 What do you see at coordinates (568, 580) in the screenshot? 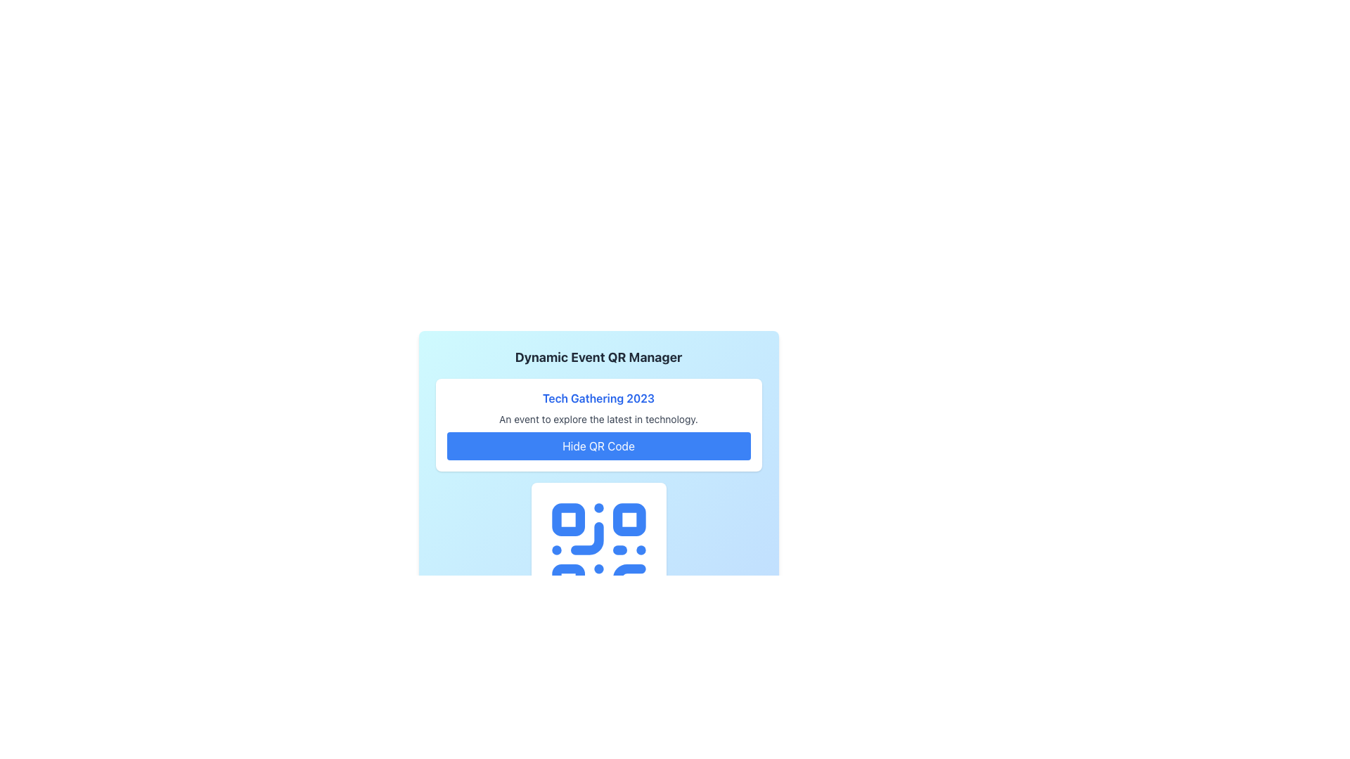
I see `the third square with rounded corners located in the bottom-left cluster of the QR code visual component, which is styled in alignment with the QR code graphic theme` at bounding box center [568, 580].